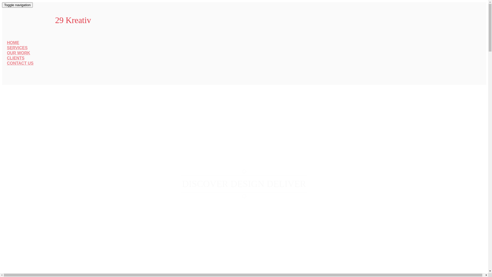  Describe the element at coordinates (17, 48) in the screenshot. I see `'SERVICES'` at that location.